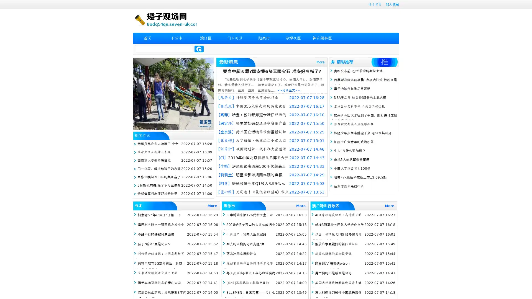 This screenshot has width=532, height=299. I want to click on Search, so click(199, 49).